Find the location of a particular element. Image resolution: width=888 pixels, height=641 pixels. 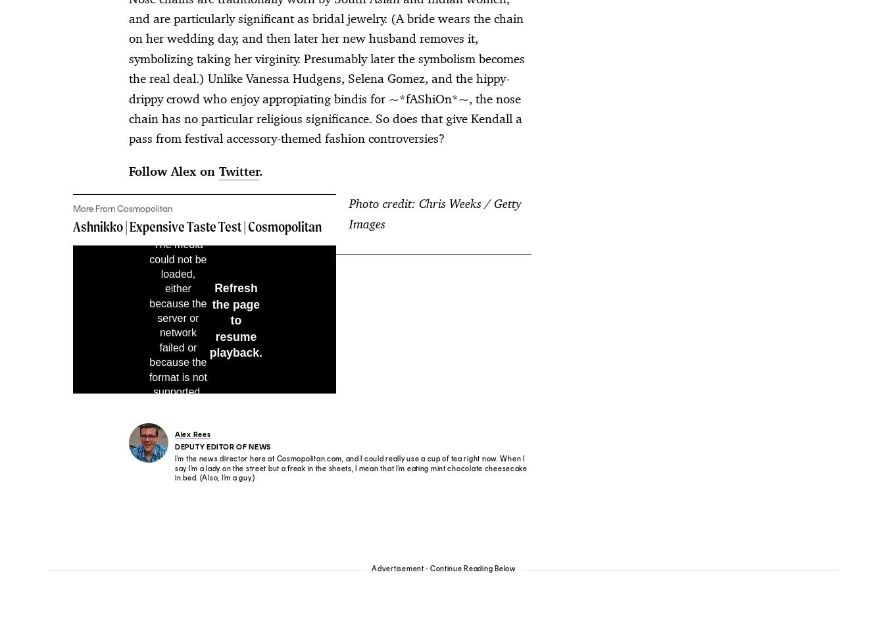

'We may earn commission from links on this page, but we only recommend products we back.' is located at coordinates (270, 560).